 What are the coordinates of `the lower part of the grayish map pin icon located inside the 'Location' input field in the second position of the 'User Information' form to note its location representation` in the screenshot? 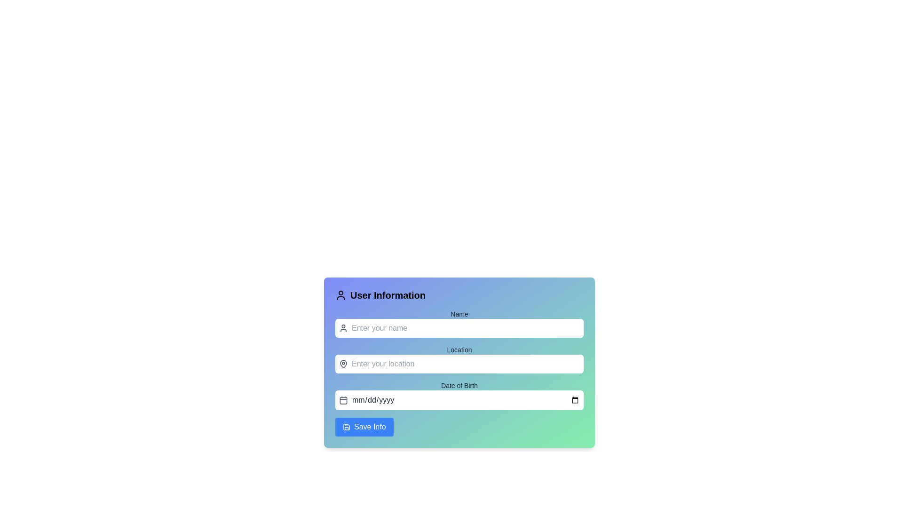 It's located at (343, 364).